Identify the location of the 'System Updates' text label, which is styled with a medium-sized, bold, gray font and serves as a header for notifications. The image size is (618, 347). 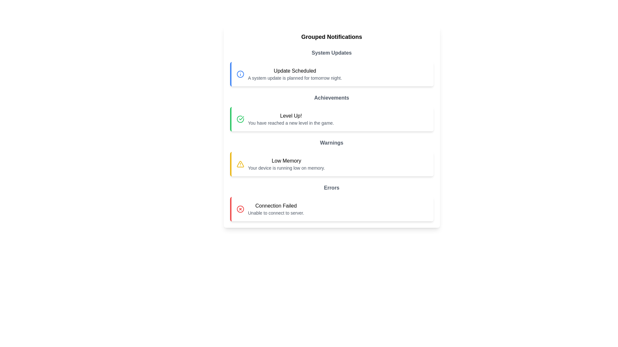
(332, 53).